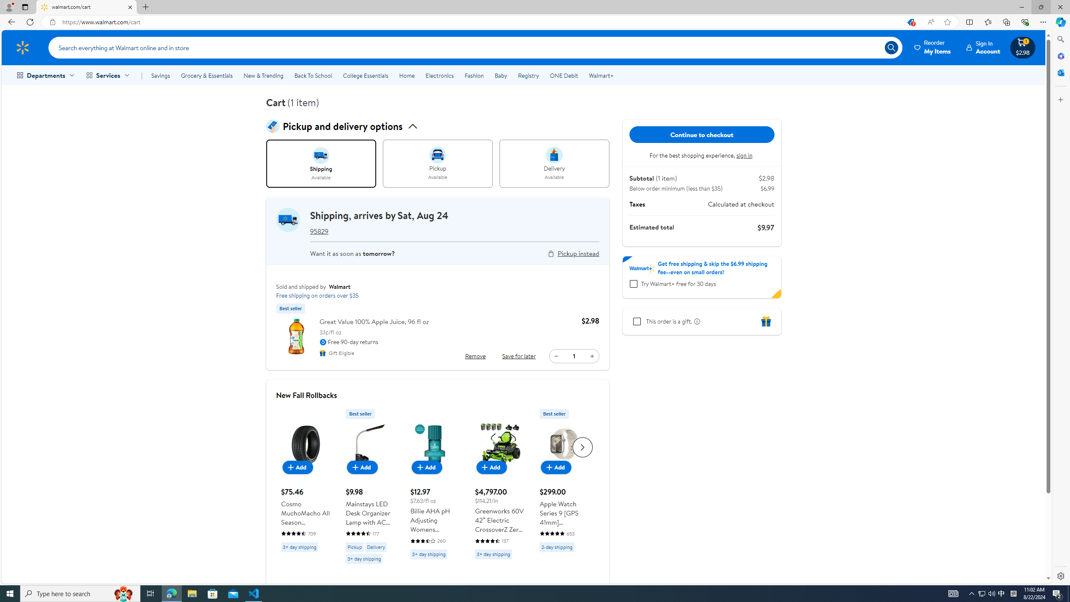 This screenshot has height=602, width=1070. I want to click on 'Walmart Homepage', so click(22, 47).